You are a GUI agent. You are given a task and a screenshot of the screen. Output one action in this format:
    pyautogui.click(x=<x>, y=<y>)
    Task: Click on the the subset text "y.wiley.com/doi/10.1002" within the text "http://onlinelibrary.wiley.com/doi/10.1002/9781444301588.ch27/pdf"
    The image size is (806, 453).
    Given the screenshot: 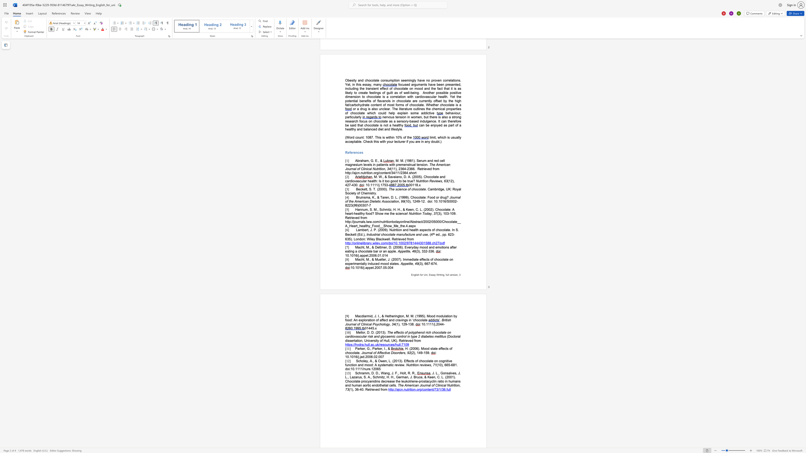 What is the action you would take?
    pyautogui.click(x=370, y=243)
    